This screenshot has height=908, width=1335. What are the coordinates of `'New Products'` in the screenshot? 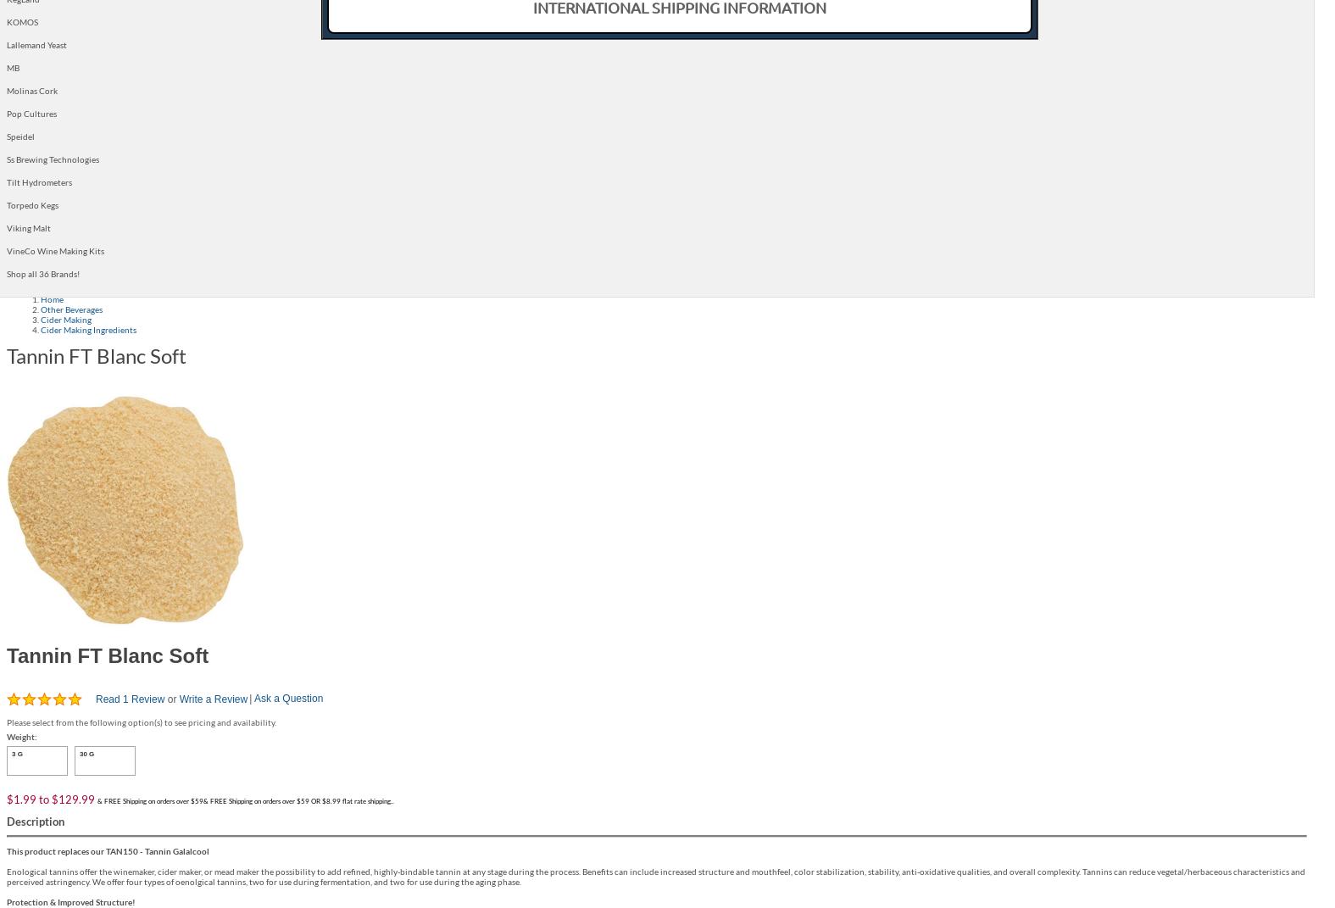 It's located at (656, 156).